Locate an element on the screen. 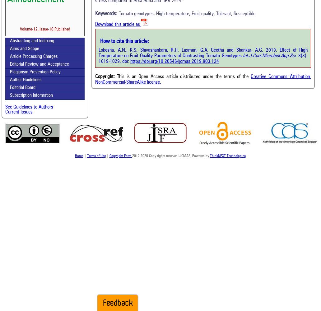 The height and width of the screenshot is (311, 321). 'Terms of Use' is located at coordinates (96, 156).